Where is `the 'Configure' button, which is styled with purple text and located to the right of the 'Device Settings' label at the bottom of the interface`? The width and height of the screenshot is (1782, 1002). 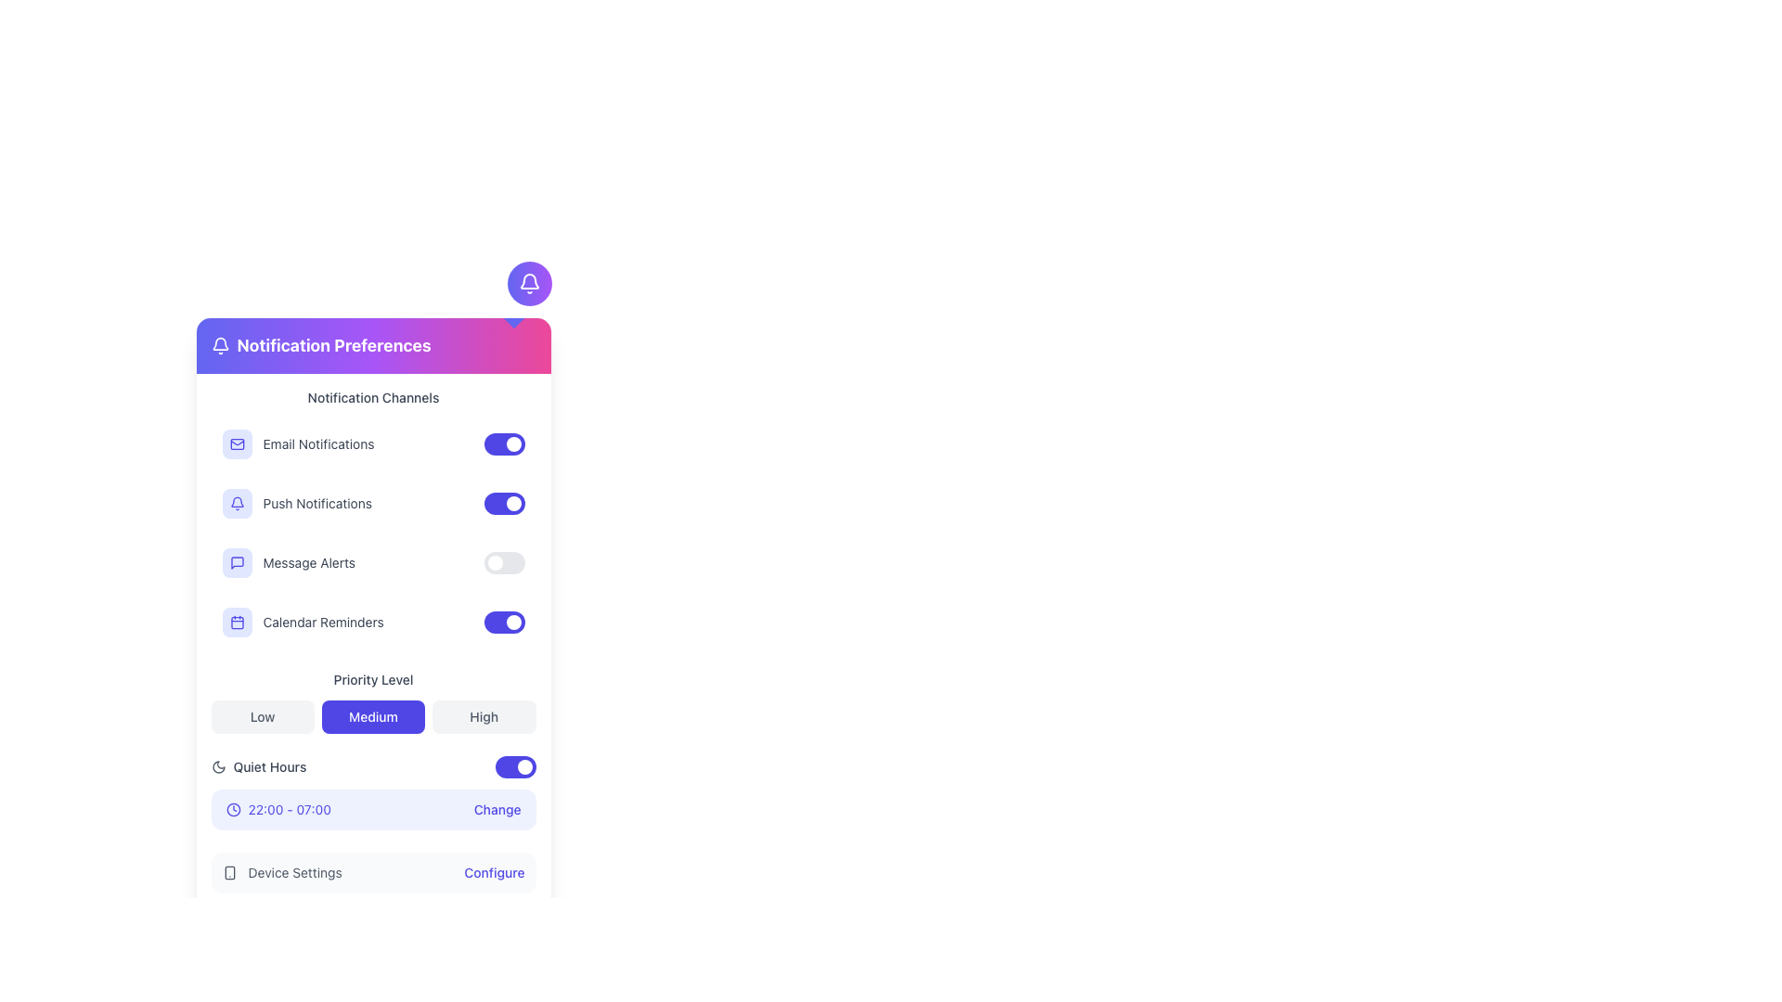
the 'Configure' button, which is styled with purple text and located to the right of the 'Device Settings' label at the bottom of the interface is located at coordinates (494, 873).